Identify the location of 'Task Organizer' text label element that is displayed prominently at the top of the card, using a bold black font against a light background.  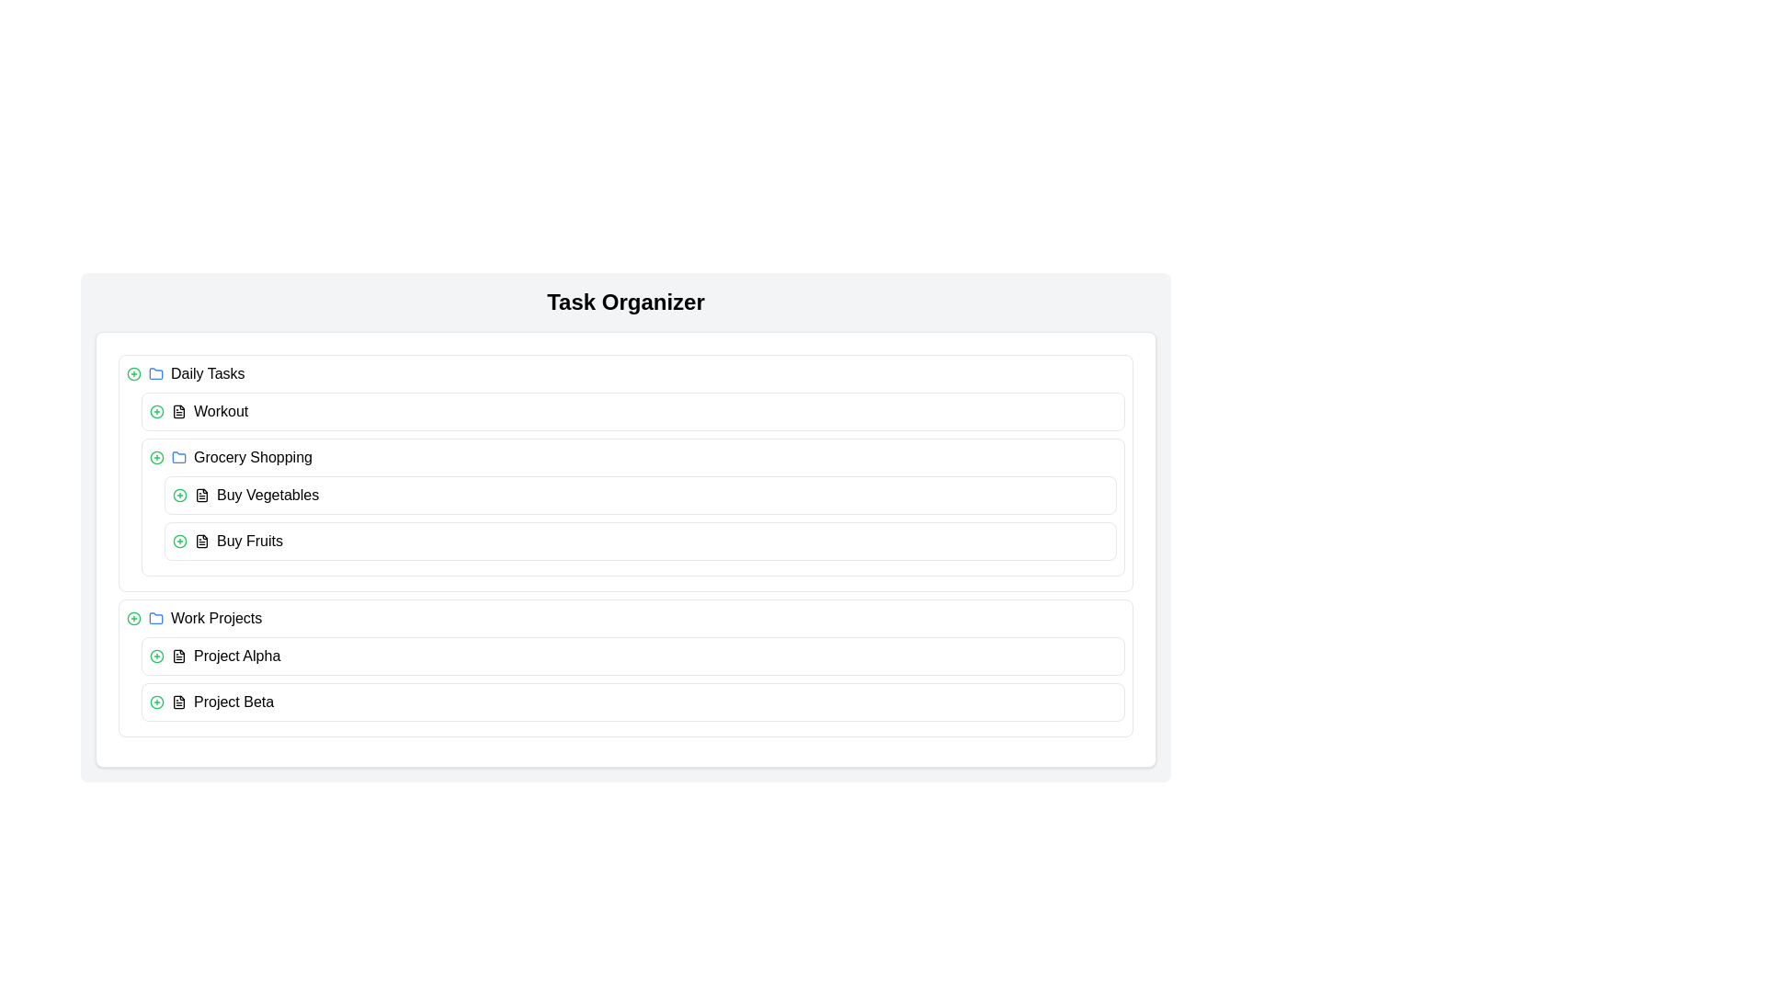
(626, 301).